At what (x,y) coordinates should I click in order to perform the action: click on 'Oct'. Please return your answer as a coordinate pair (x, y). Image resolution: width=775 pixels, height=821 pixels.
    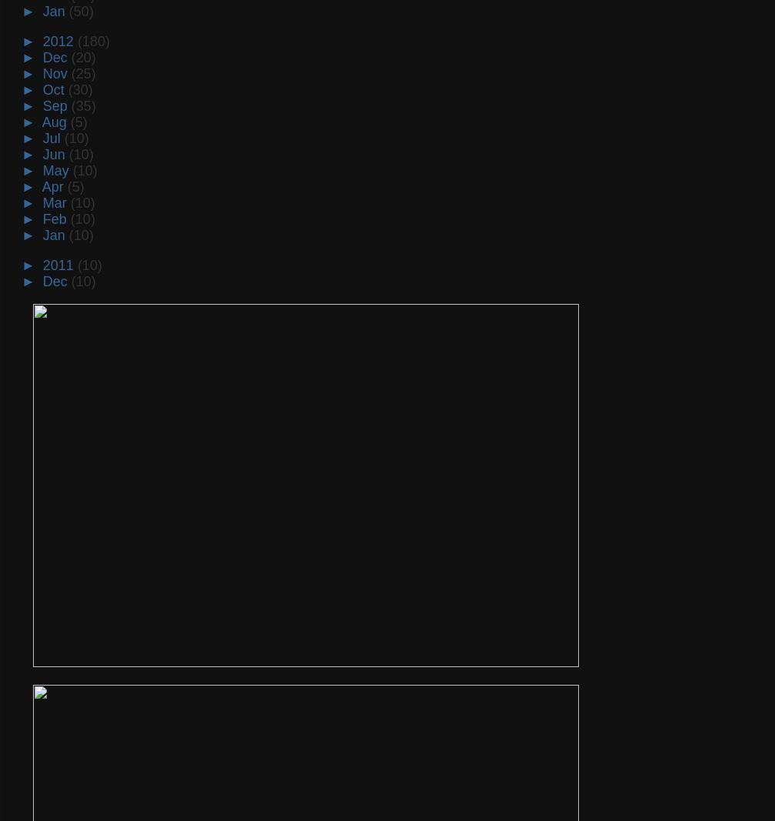
    Looking at the image, I should click on (42, 88).